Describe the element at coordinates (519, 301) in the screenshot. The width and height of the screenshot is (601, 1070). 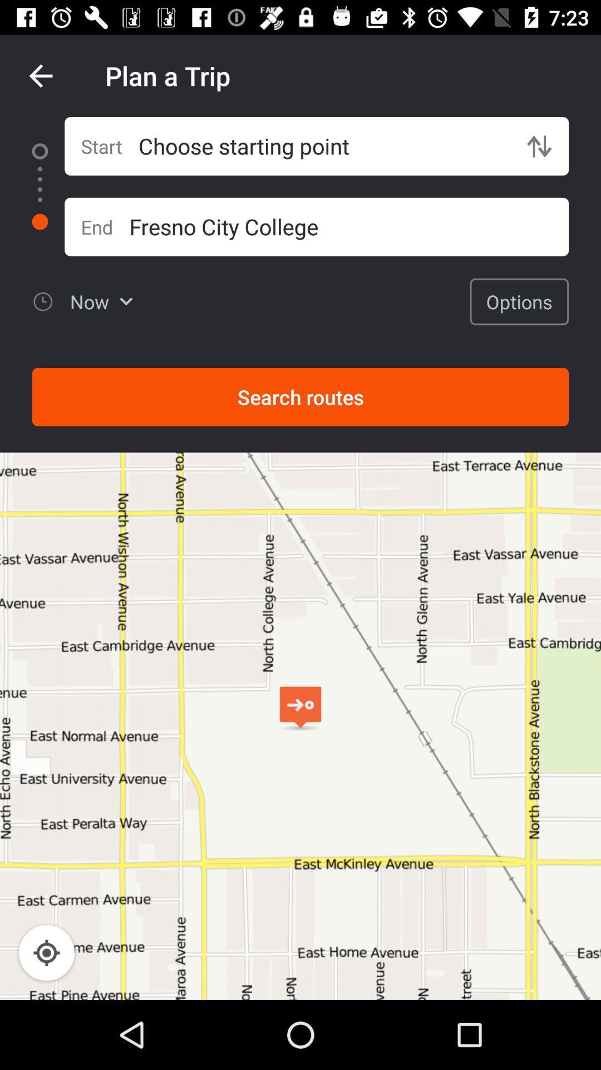
I see `item to the right of now icon` at that location.